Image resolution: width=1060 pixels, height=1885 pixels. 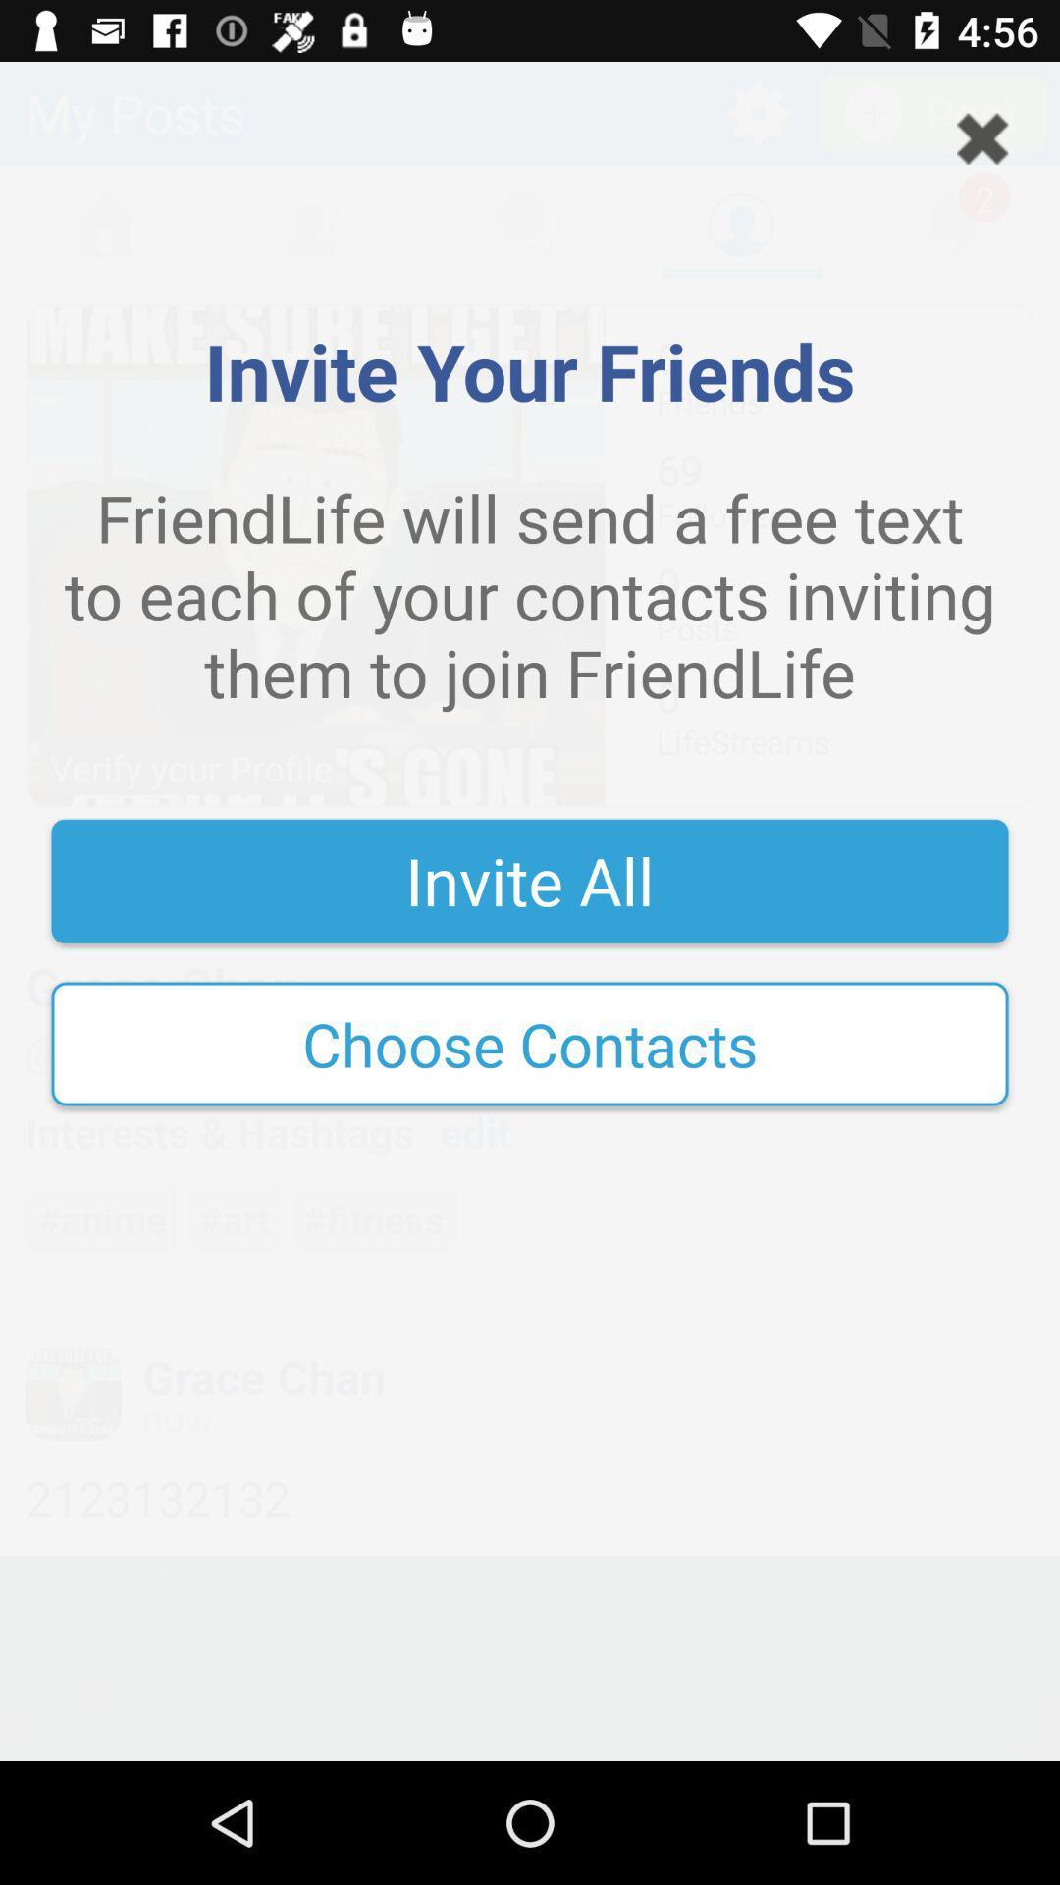 What do you see at coordinates (530, 1043) in the screenshot?
I see `the icon below the invite all item` at bounding box center [530, 1043].